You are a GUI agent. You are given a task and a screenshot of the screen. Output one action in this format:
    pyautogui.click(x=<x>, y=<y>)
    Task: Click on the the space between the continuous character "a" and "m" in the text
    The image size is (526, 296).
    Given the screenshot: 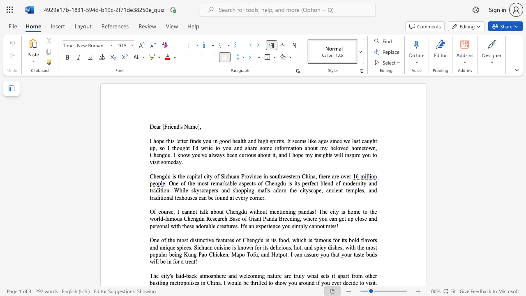 What is the action you would take?
    pyautogui.click(x=169, y=218)
    